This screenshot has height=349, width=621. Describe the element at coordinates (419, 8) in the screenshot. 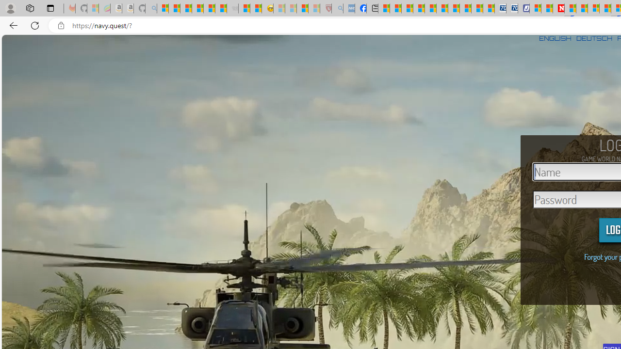

I see `'Climate Damage Becomes Too Severe To Reverse'` at that location.